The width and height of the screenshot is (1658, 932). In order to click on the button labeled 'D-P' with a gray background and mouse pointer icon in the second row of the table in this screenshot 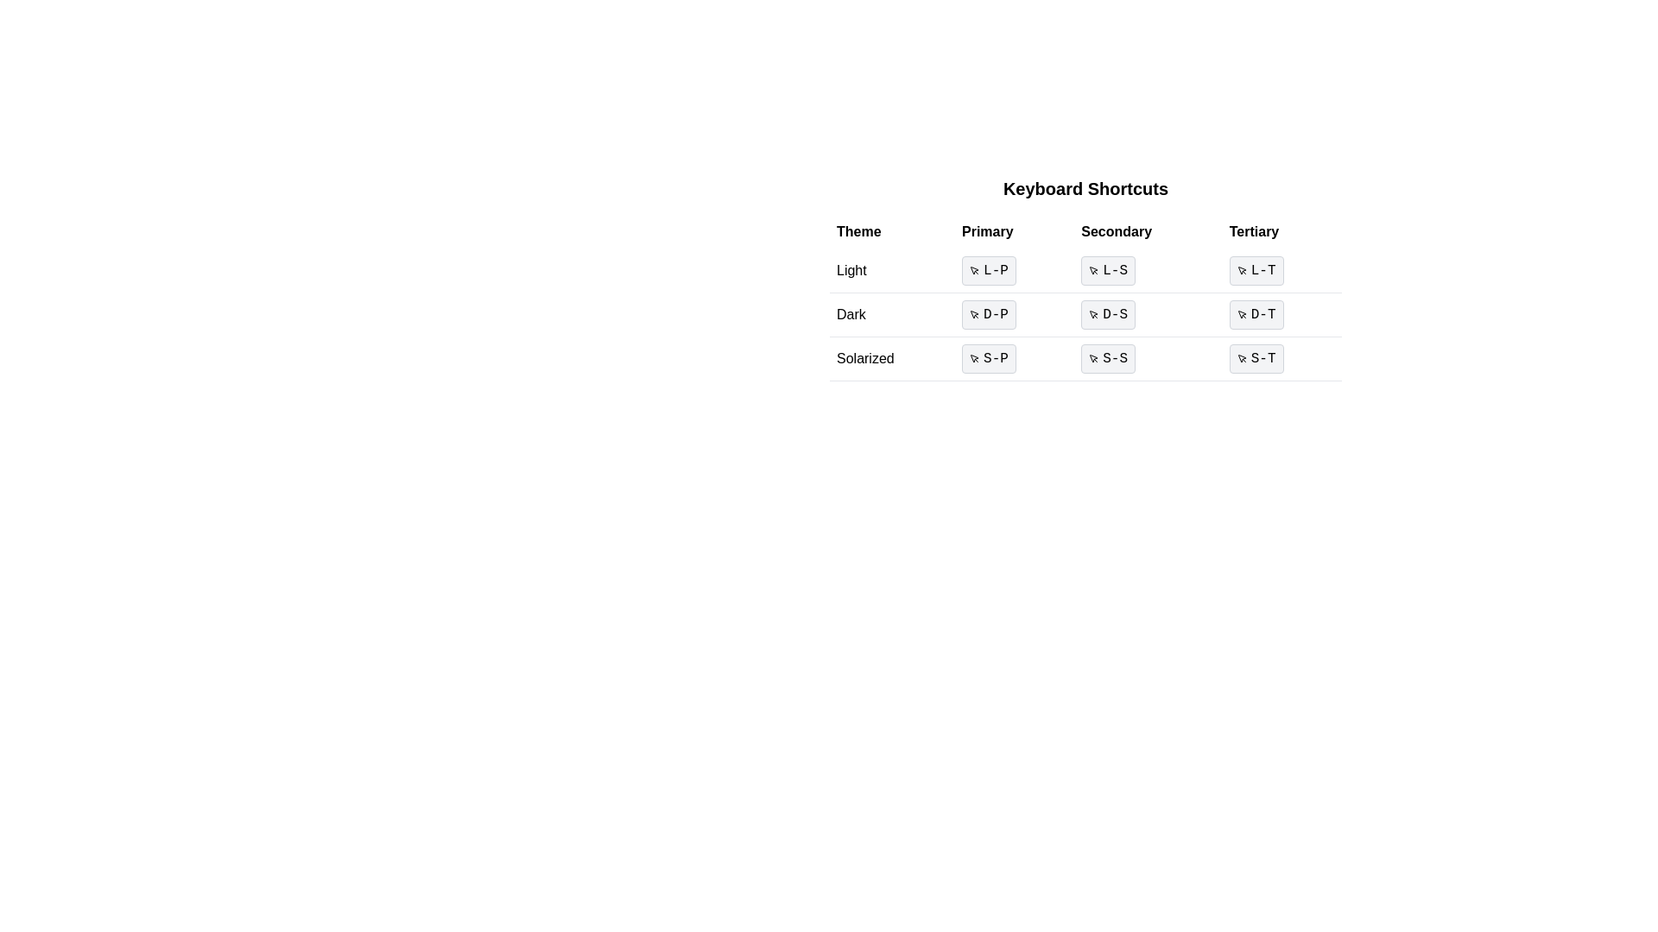, I will do `click(989, 315)`.